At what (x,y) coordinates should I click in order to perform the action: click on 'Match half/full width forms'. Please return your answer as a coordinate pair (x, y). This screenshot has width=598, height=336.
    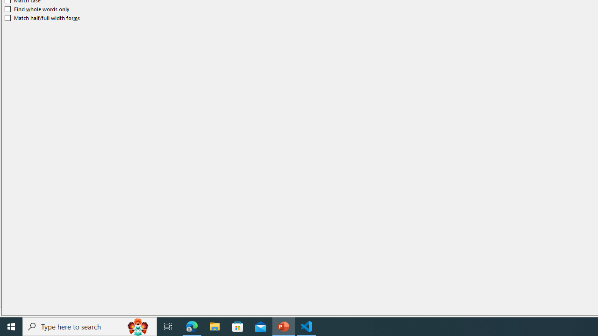
    Looking at the image, I should click on (42, 18).